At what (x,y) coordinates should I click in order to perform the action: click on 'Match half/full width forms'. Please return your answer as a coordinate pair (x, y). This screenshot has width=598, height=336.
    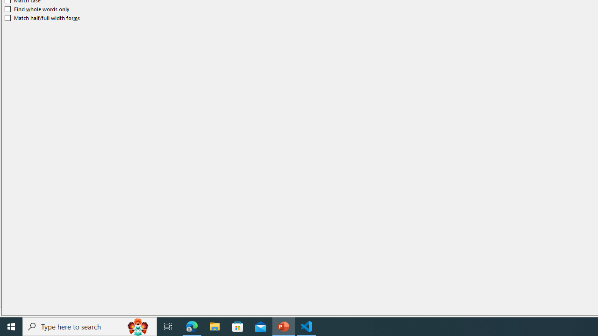
    Looking at the image, I should click on (42, 18).